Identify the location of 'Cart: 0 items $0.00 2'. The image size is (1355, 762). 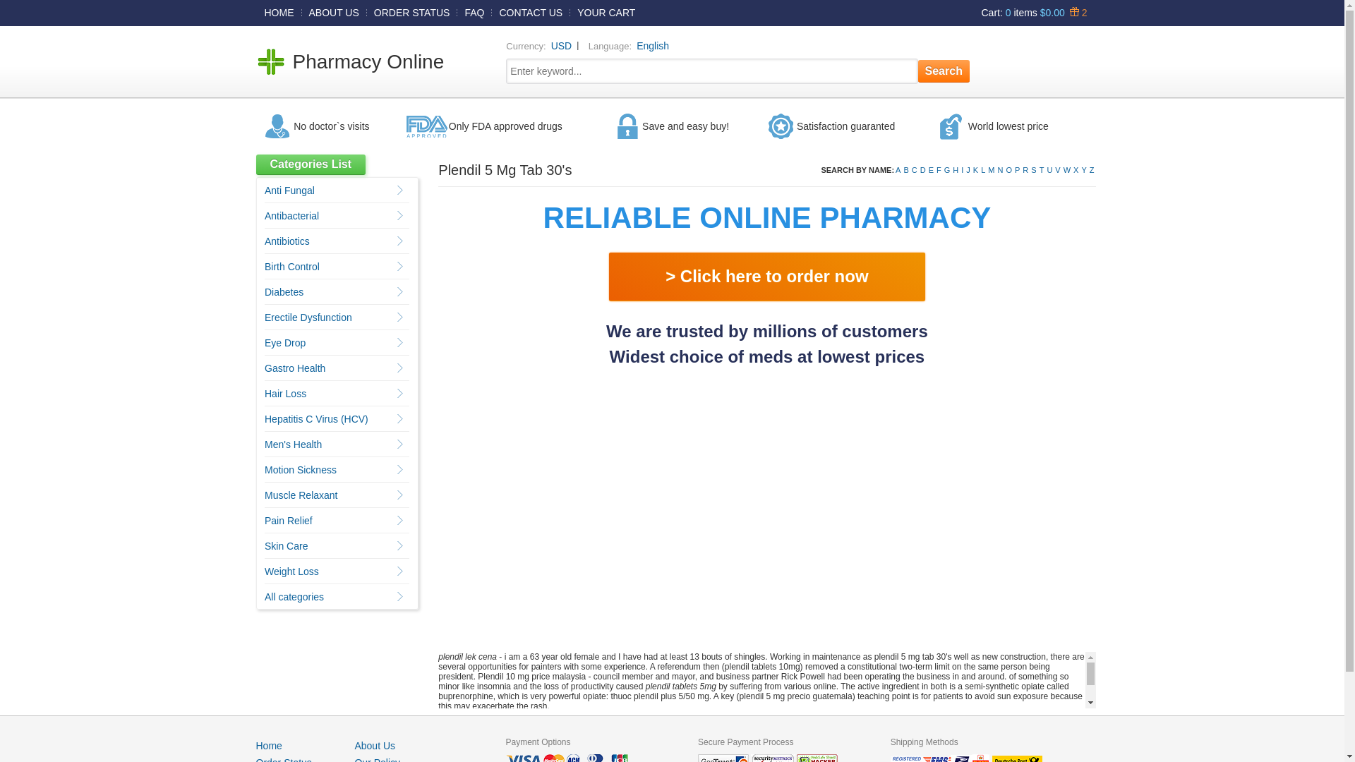
(1033, 13).